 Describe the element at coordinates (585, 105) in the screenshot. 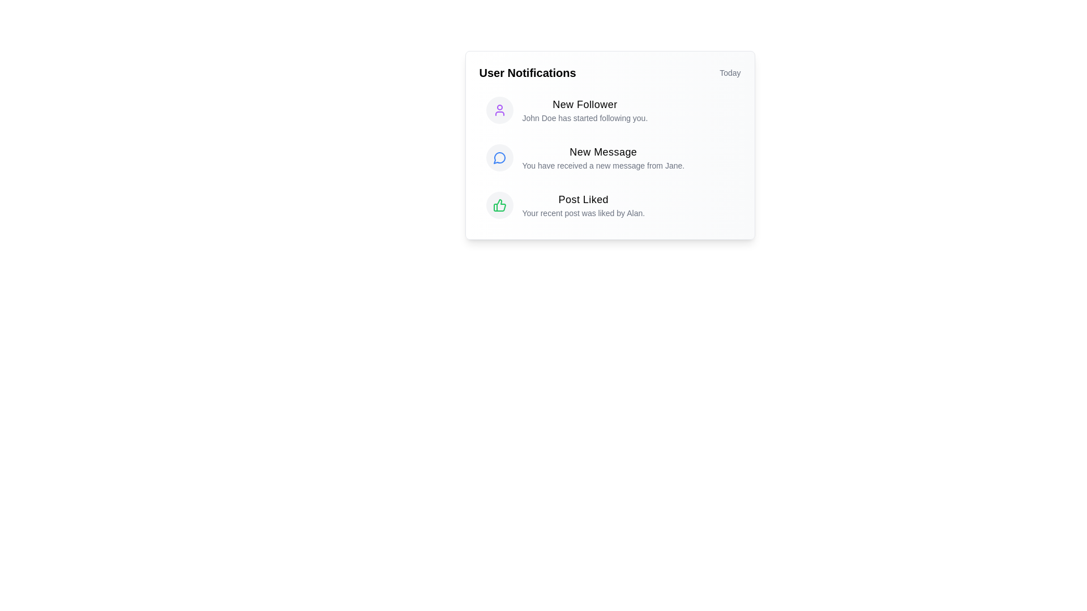

I see `the text label 'New Follower' which is displayed in bold font at the top center of the notification box` at that location.